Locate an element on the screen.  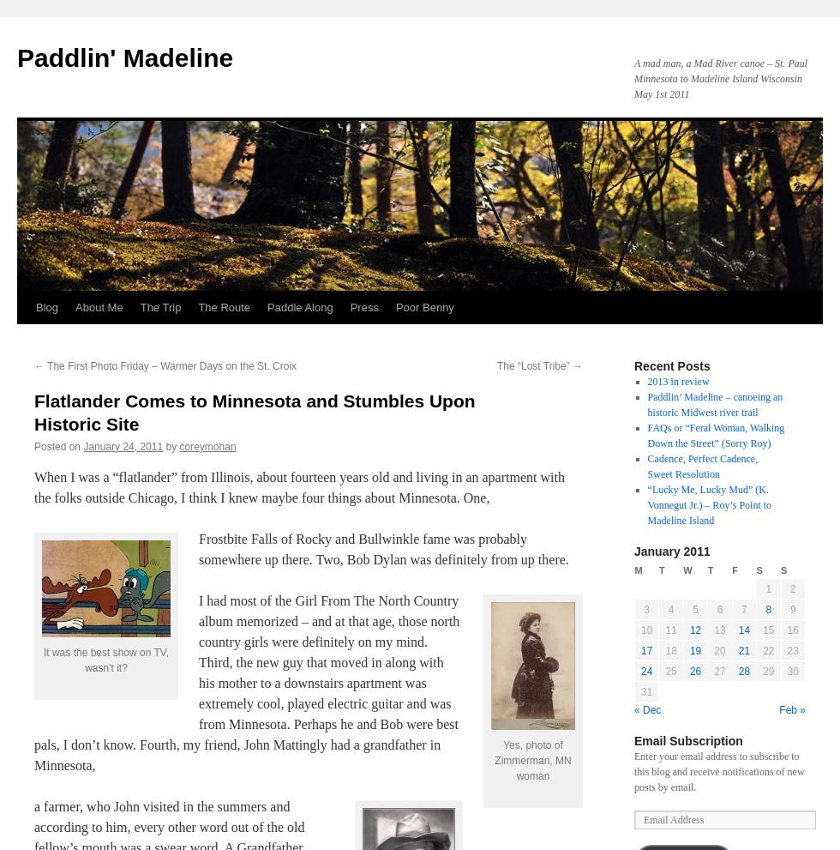
'23' is located at coordinates (792, 650).